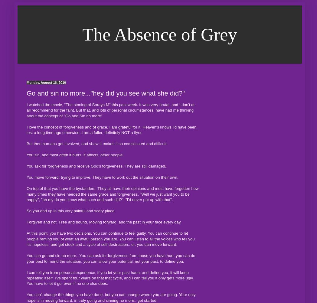 The width and height of the screenshot is (317, 303). Describe the element at coordinates (110, 238) in the screenshot. I see `'At this point, you have two decisions. You can continue to feel guilty. You can continue to let people remind you of what an awful person you are. You can listen to all the voices who tell you it's hopeless, and get stuck and a cycle of self destruction...or, you can move forward.'` at that location.